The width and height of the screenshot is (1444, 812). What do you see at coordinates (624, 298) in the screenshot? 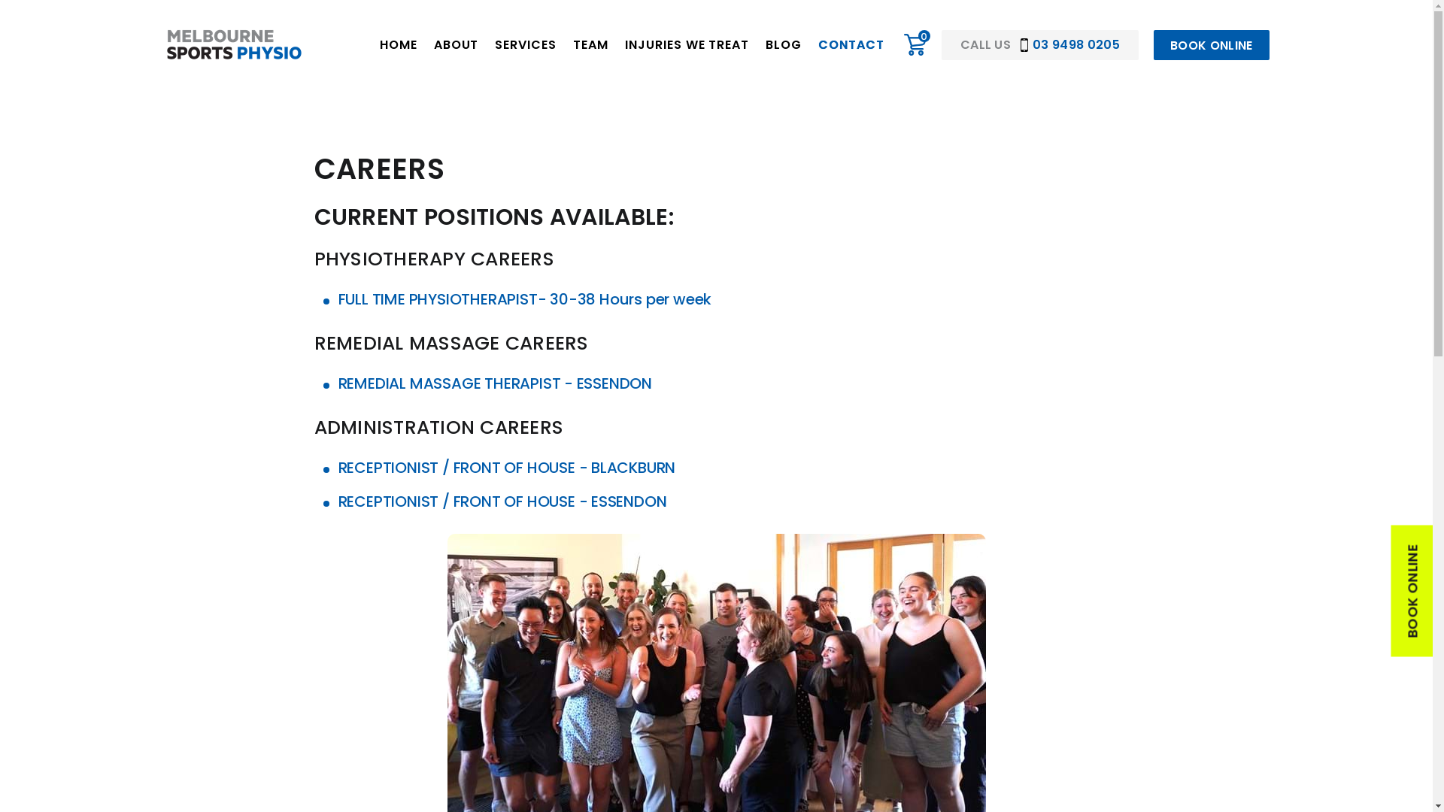
I see `'- 30-38 Hours per week'` at bounding box center [624, 298].